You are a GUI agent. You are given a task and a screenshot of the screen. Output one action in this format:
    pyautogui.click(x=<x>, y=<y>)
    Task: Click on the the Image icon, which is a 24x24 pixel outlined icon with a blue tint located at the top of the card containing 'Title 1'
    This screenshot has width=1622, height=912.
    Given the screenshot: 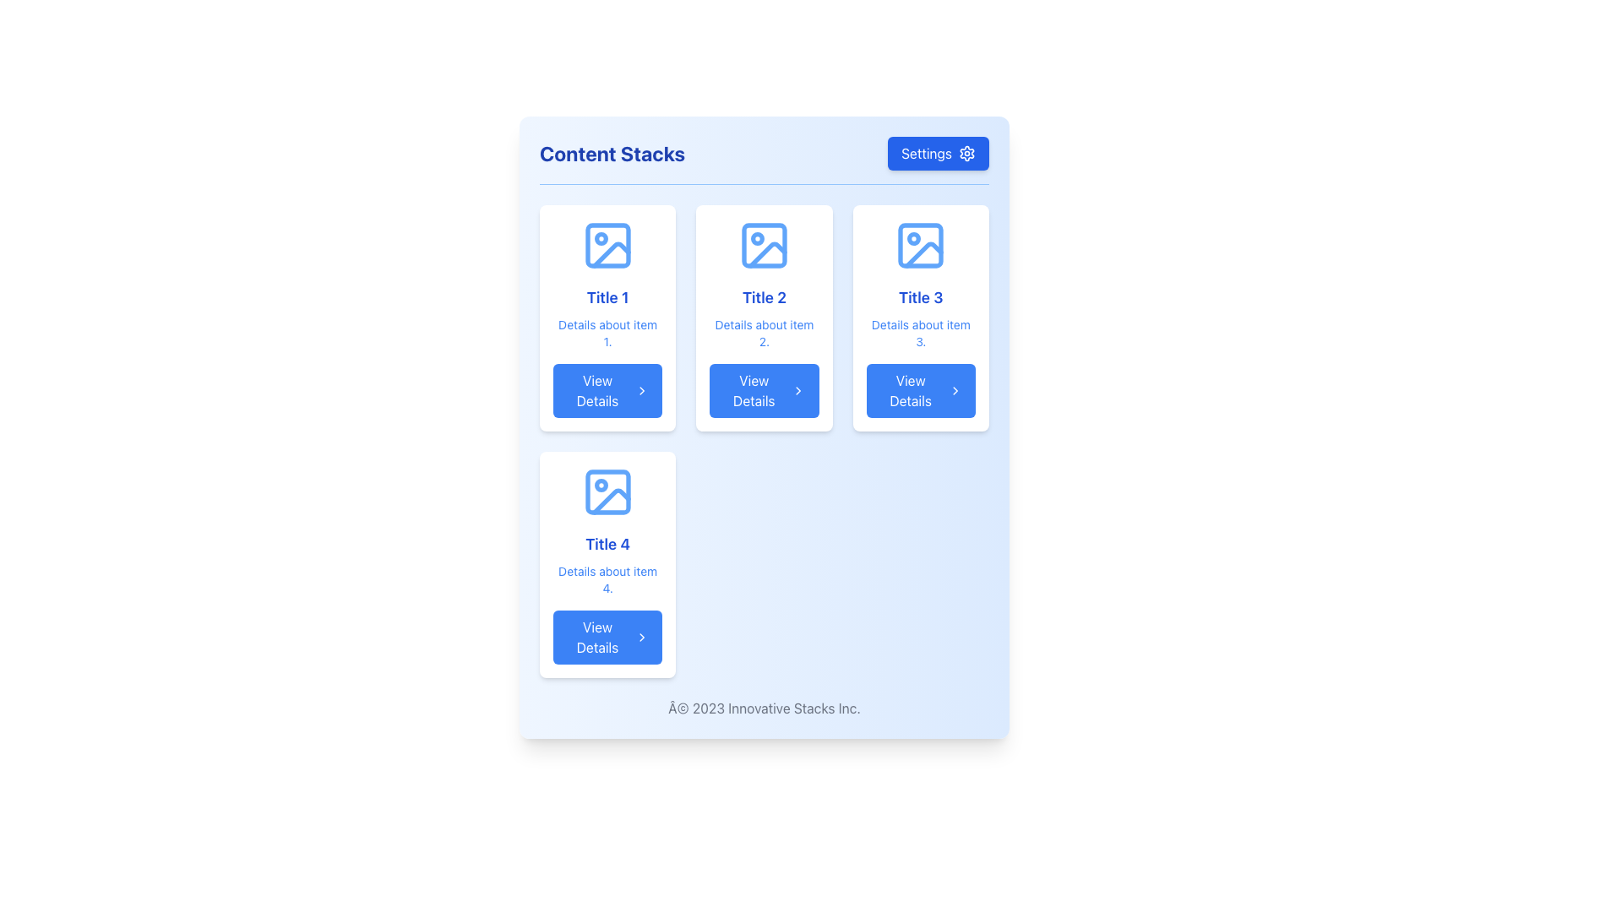 What is the action you would take?
    pyautogui.click(x=607, y=245)
    